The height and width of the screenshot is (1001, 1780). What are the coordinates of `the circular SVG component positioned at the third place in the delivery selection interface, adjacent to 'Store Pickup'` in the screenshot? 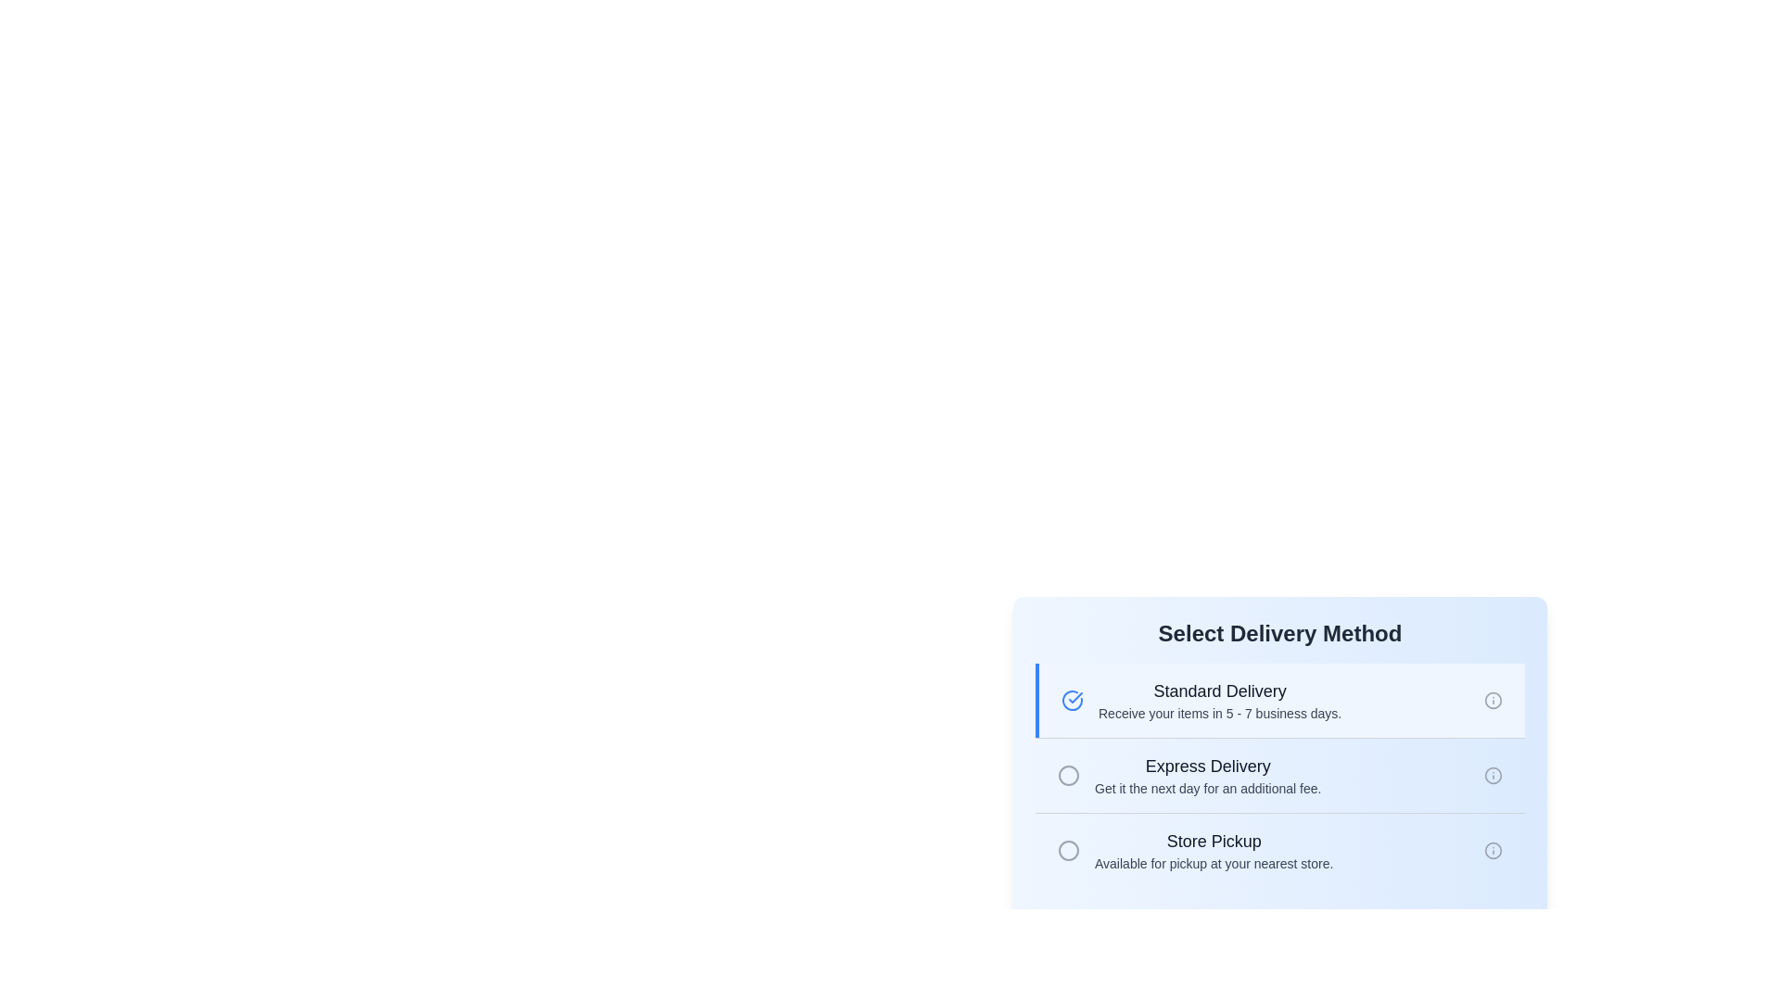 It's located at (1068, 851).